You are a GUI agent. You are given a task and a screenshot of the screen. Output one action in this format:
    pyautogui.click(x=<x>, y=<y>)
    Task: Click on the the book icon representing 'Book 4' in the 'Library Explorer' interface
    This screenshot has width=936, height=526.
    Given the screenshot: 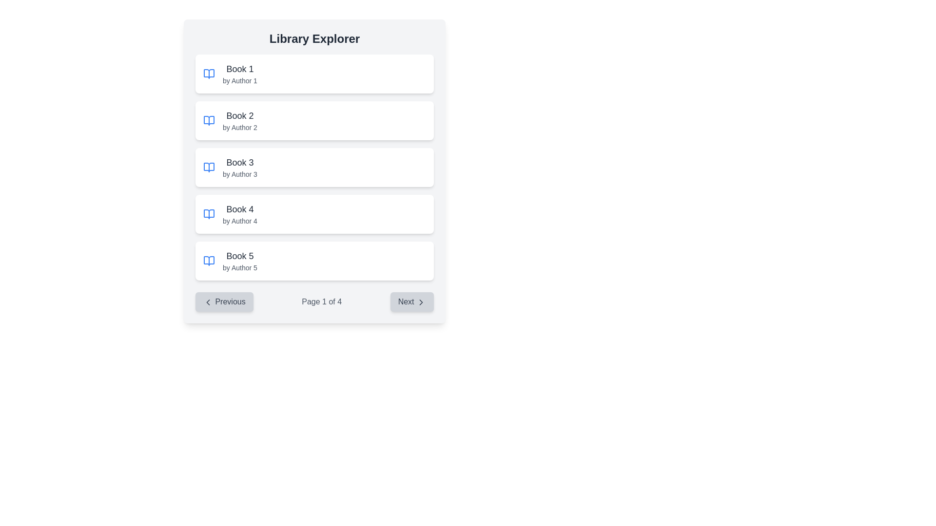 What is the action you would take?
    pyautogui.click(x=208, y=213)
    